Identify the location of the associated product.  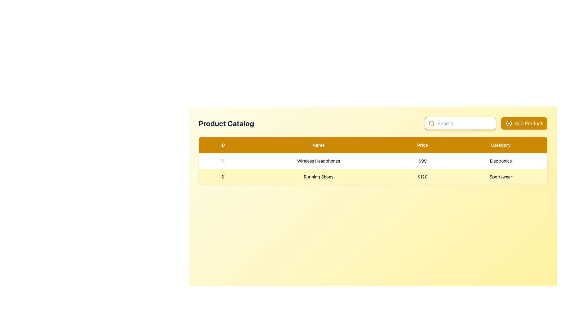
(222, 177).